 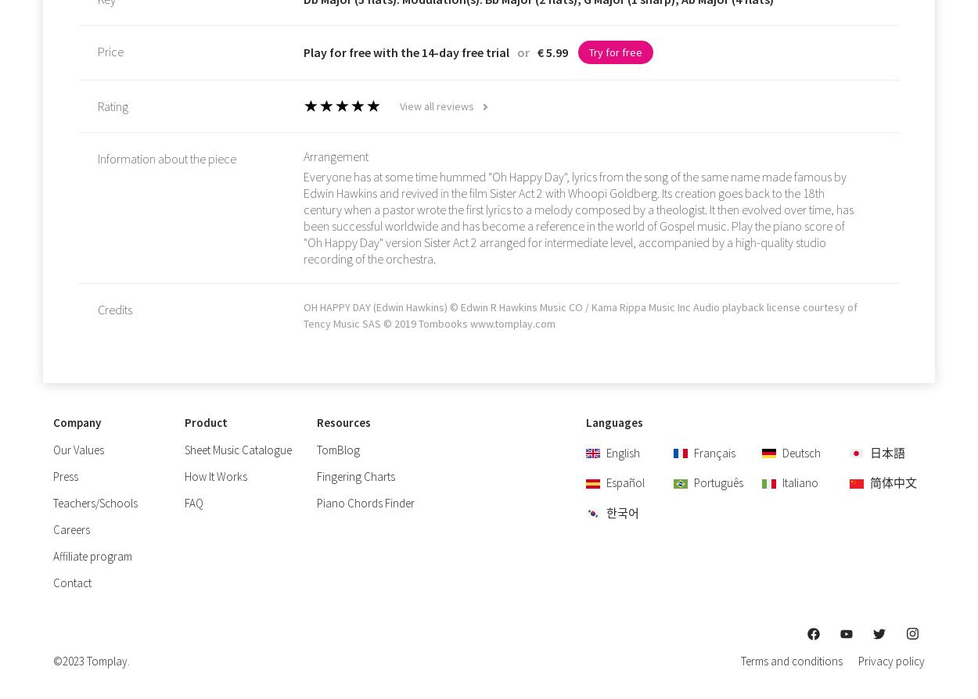 What do you see at coordinates (206, 422) in the screenshot?
I see `'Product'` at bounding box center [206, 422].